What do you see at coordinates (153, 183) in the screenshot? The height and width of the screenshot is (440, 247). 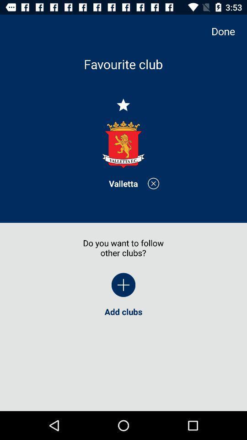 I see `the close icon` at bounding box center [153, 183].